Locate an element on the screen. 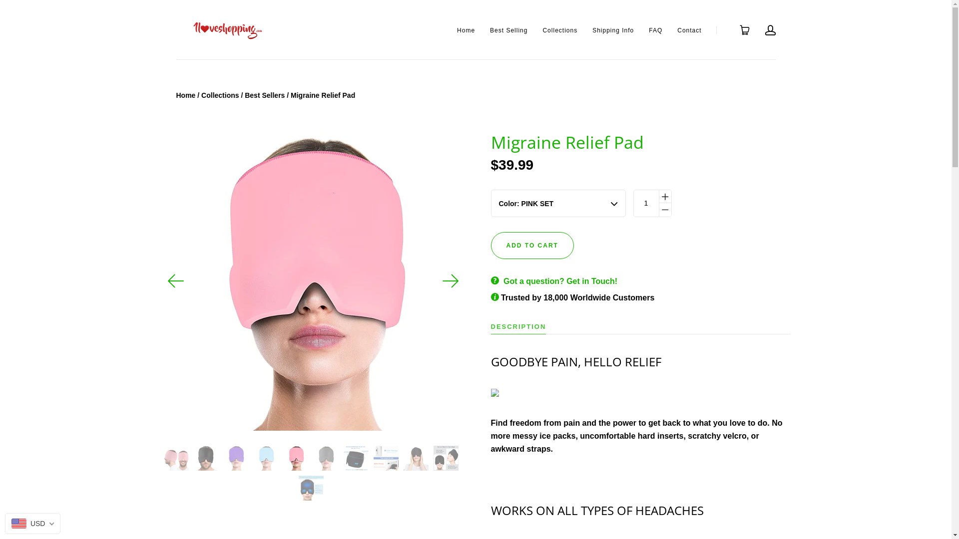  'Contact' is located at coordinates (689, 30).